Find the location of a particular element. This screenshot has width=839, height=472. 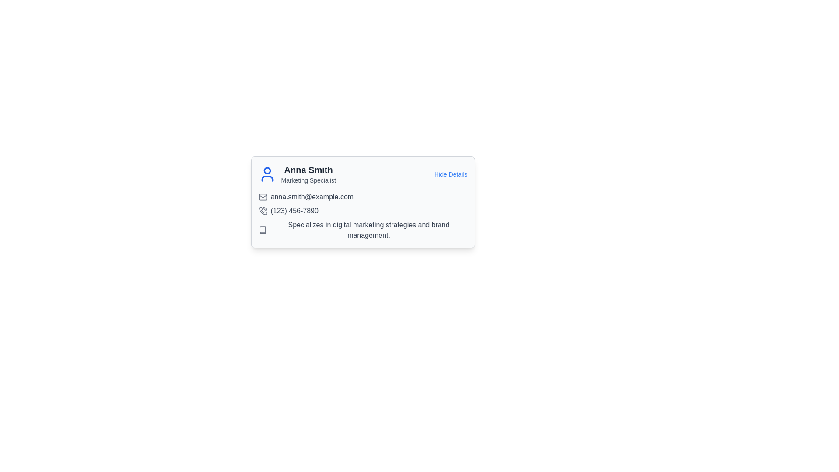

the phone number text display located is located at coordinates (295, 211).